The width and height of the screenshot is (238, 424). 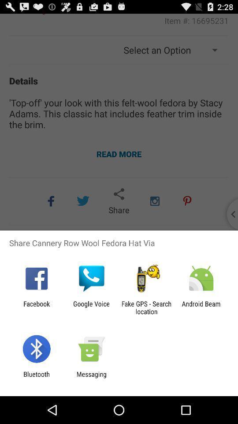 I want to click on the app next to google voice, so click(x=146, y=307).